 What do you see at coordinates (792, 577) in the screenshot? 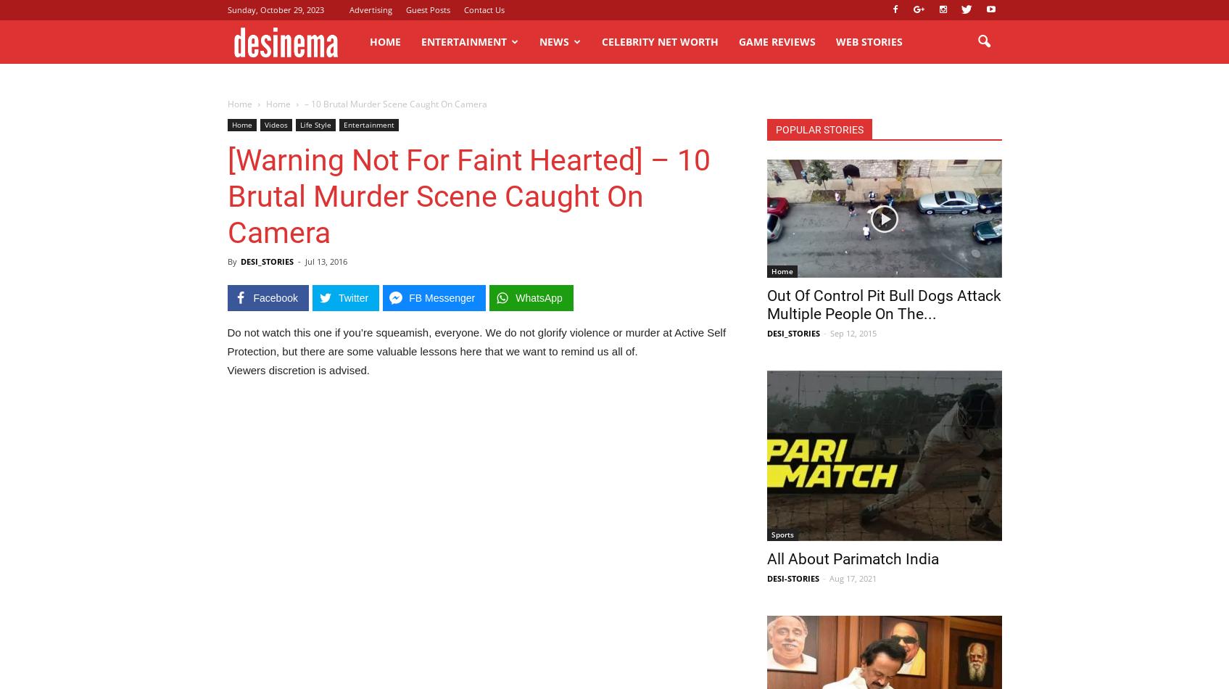
I see `'DESI-STORIES'` at bounding box center [792, 577].